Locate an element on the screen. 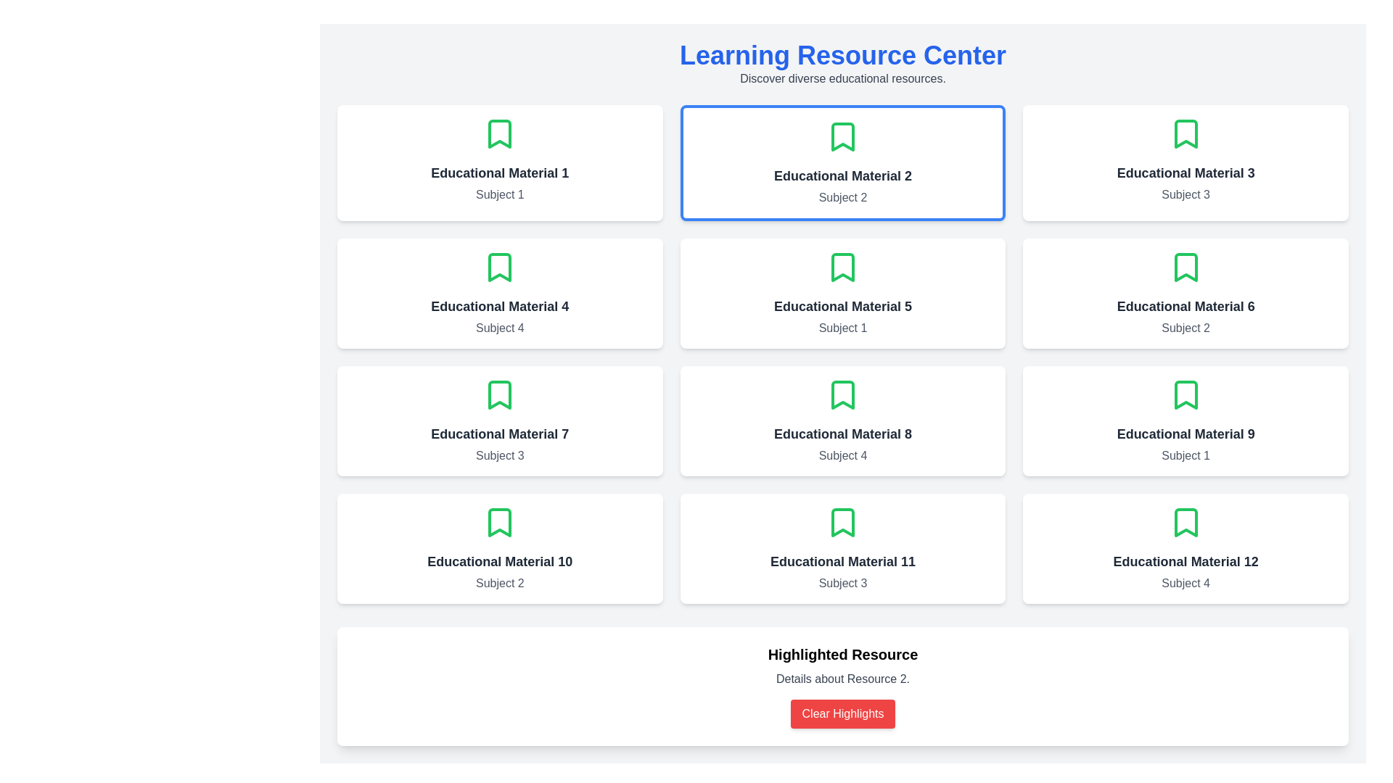  the SVG-based bookmark icon located above the title in the card labeled 'Educational Material 4' to interact with it is located at coordinates (500, 268).